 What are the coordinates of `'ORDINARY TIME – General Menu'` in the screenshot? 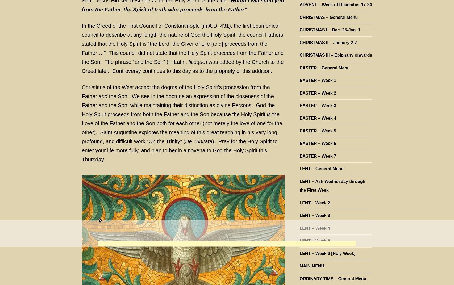 It's located at (332, 278).